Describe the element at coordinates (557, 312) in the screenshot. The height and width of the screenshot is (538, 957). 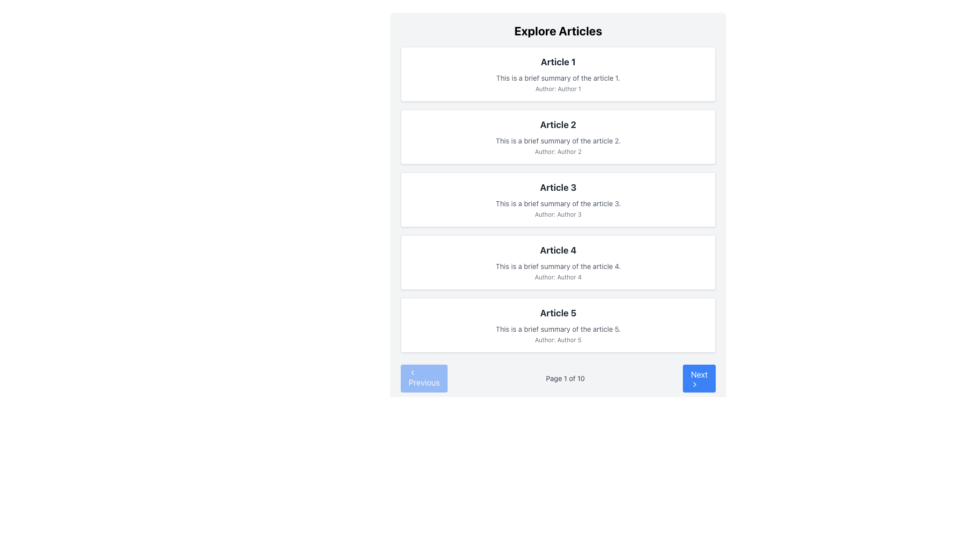
I see `the text label that serves as the title for the article, located at the upper section of the fifth card in a vertical list of similar cards` at that location.